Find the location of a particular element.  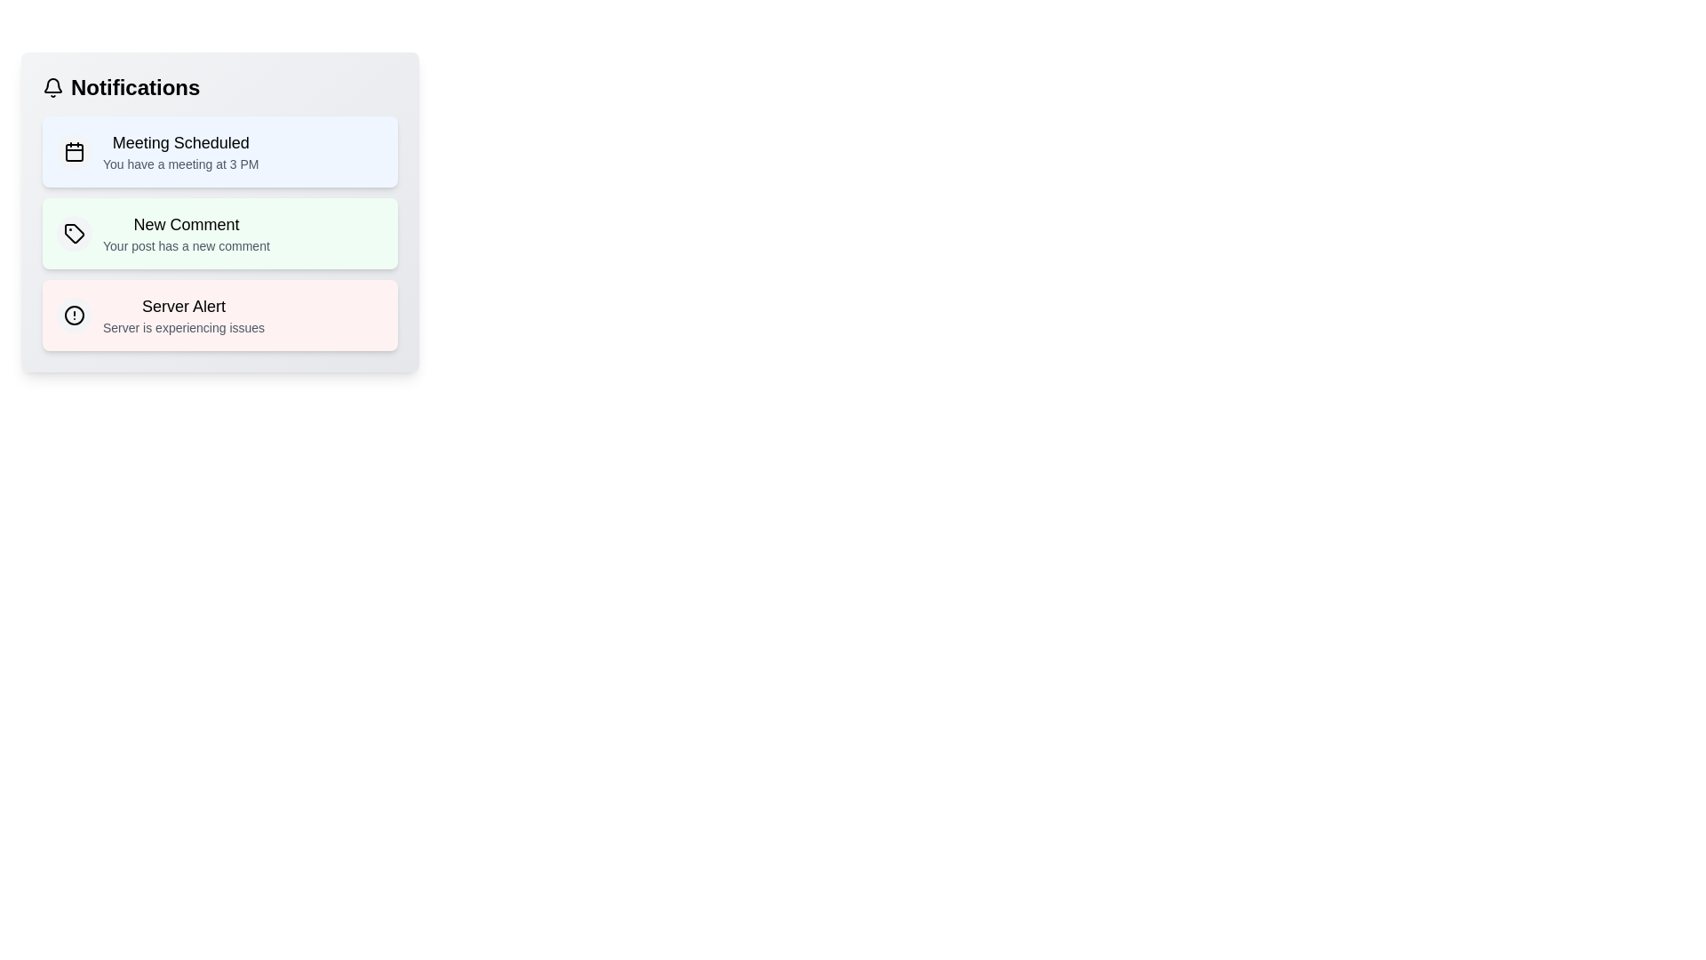

the notification icon for Meeting Scheduled is located at coordinates (73, 150).